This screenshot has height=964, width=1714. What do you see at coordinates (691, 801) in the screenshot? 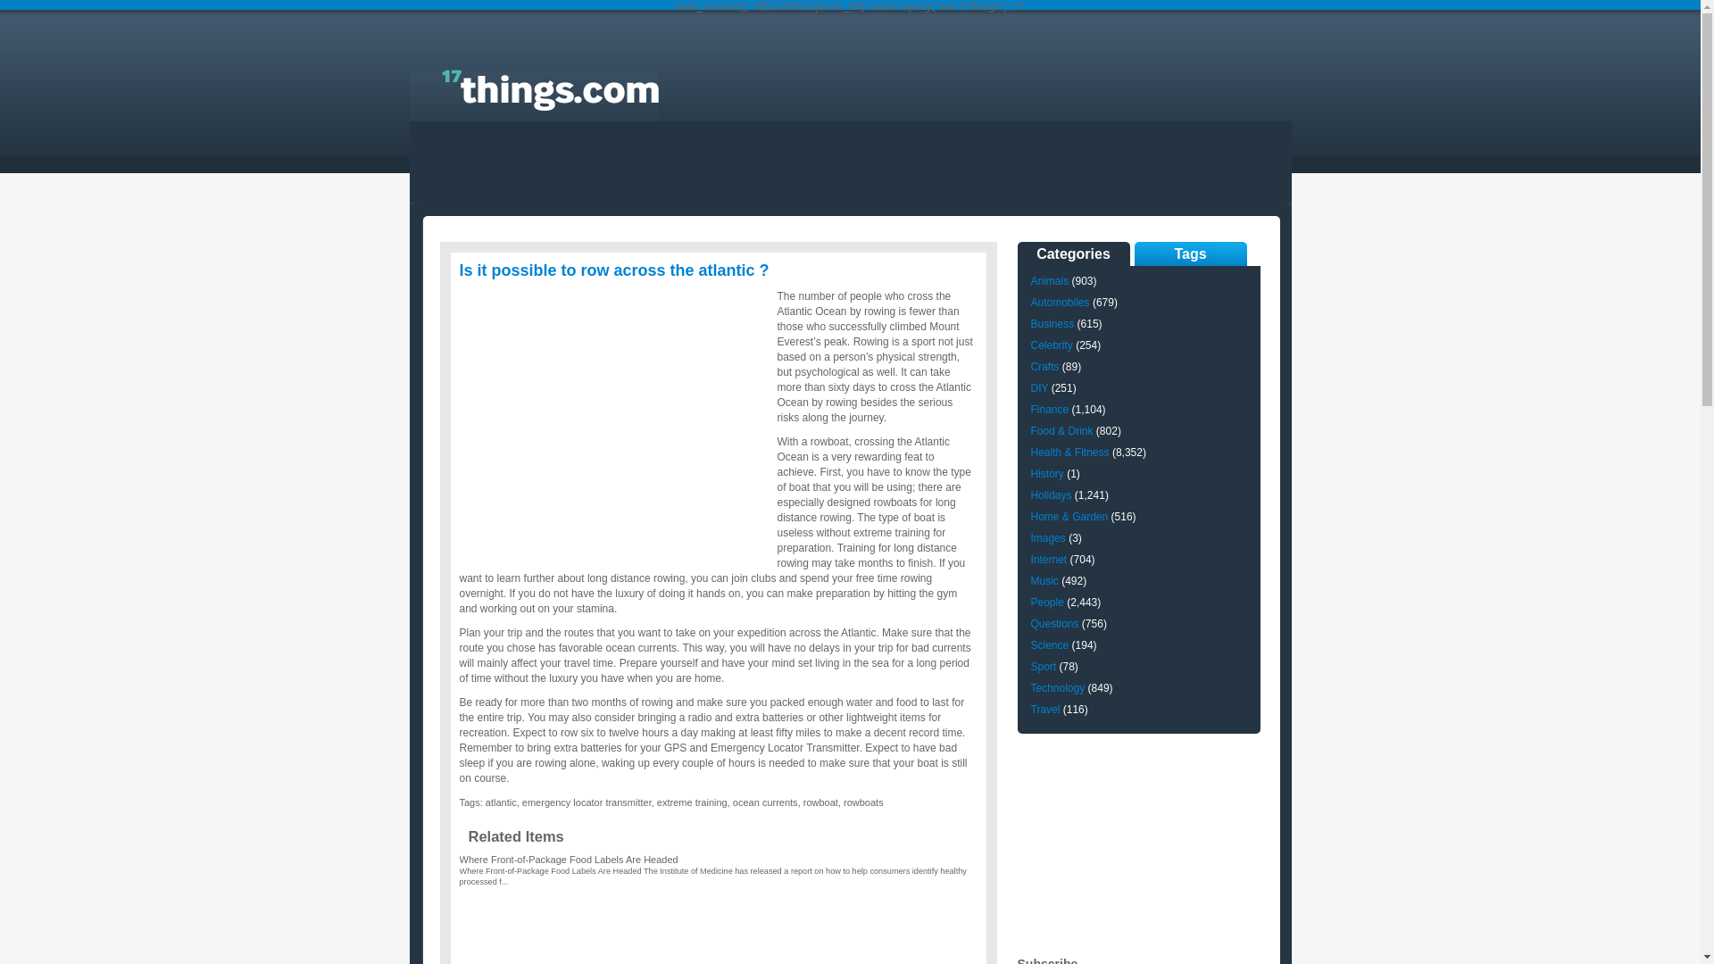
I see `'extreme training'` at bounding box center [691, 801].